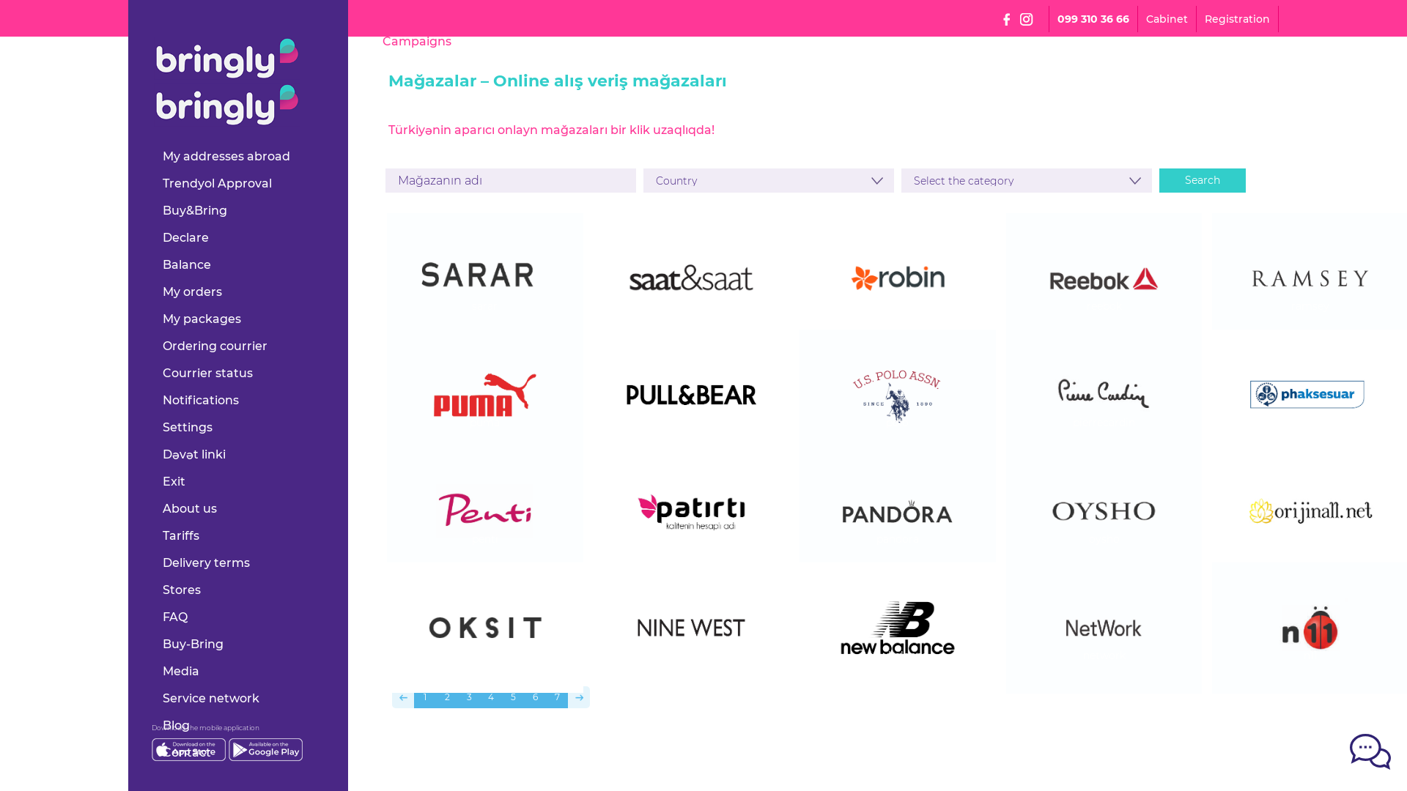 The image size is (1407, 791). What do you see at coordinates (210, 697) in the screenshot?
I see `'Service network'` at bounding box center [210, 697].